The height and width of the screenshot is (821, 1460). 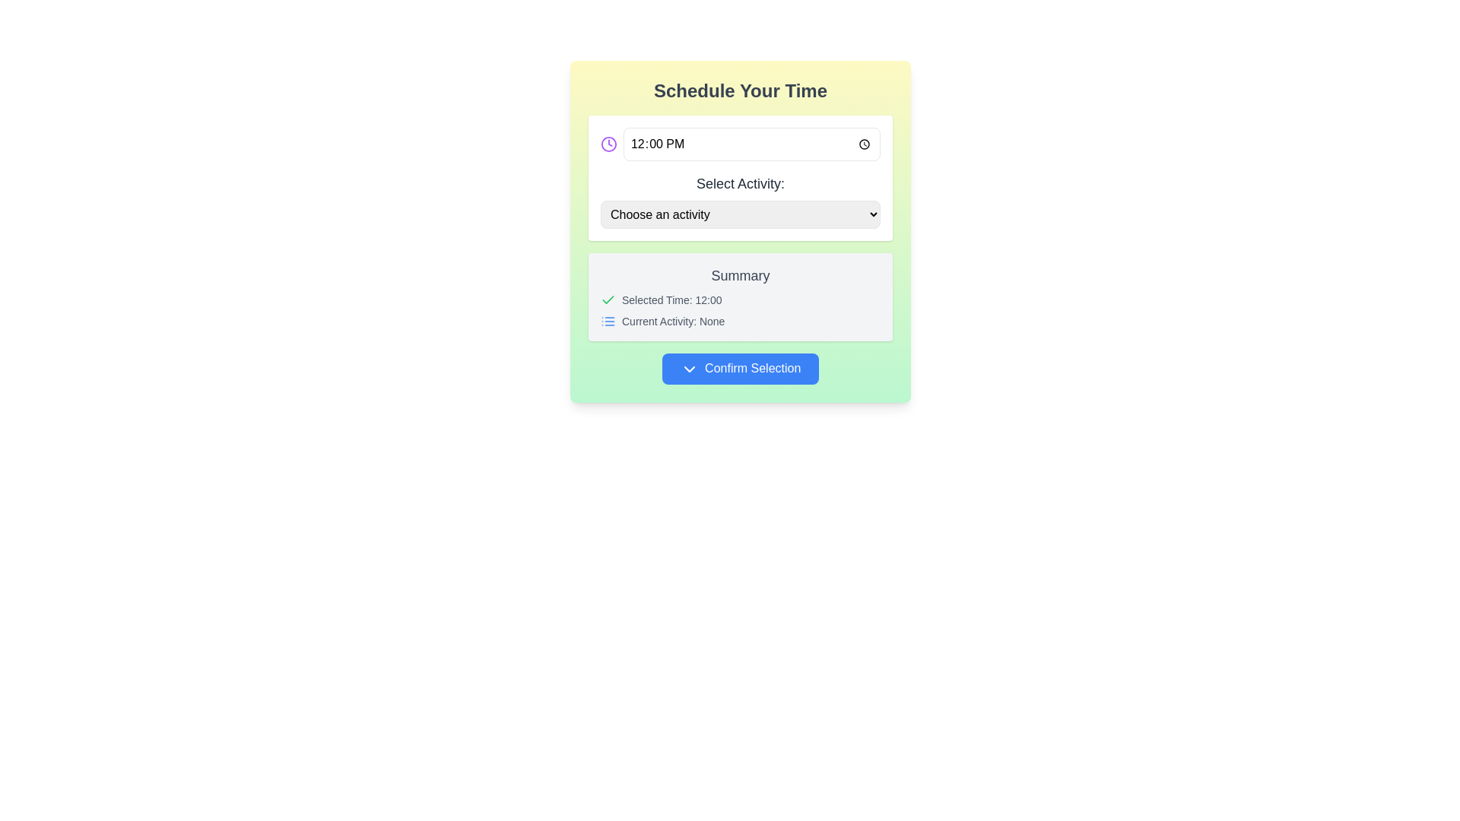 What do you see at coordinates (741, 144) in the screenshot?
I see `the time input field displaying '12:00 PM', which is the primary element for time selection located above the 'Select Activity' dropdown` at bounding box center [741, 144].